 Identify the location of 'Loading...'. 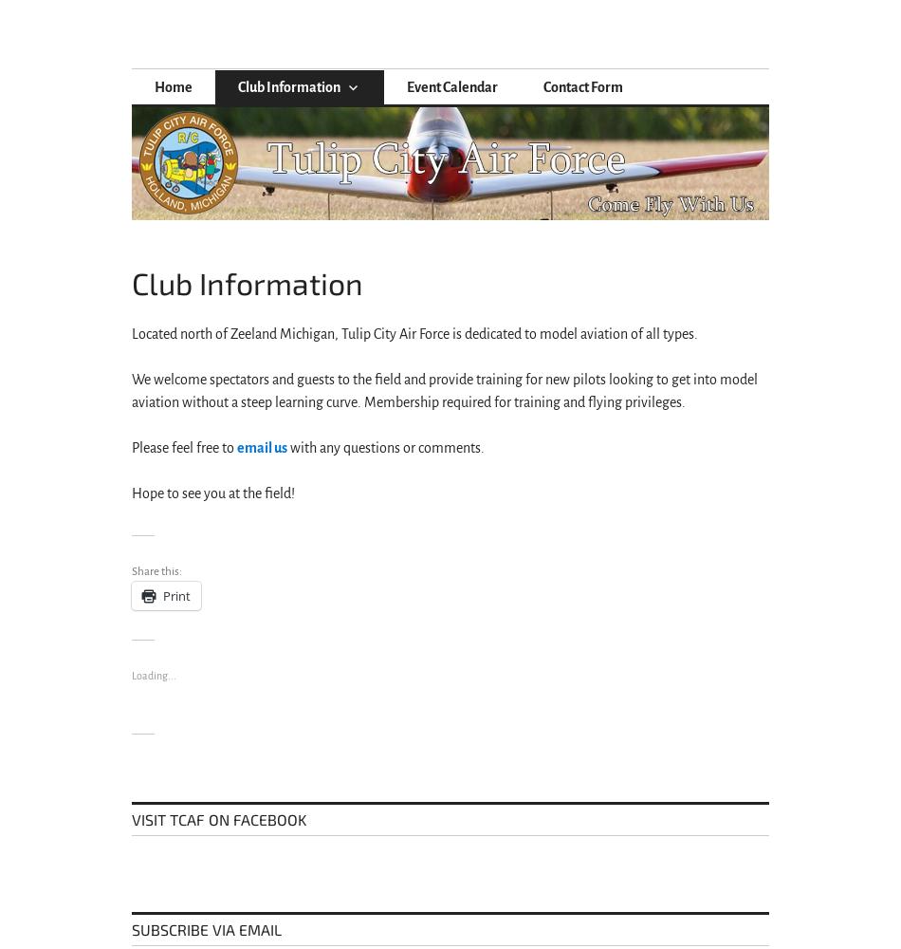
(131, 675).